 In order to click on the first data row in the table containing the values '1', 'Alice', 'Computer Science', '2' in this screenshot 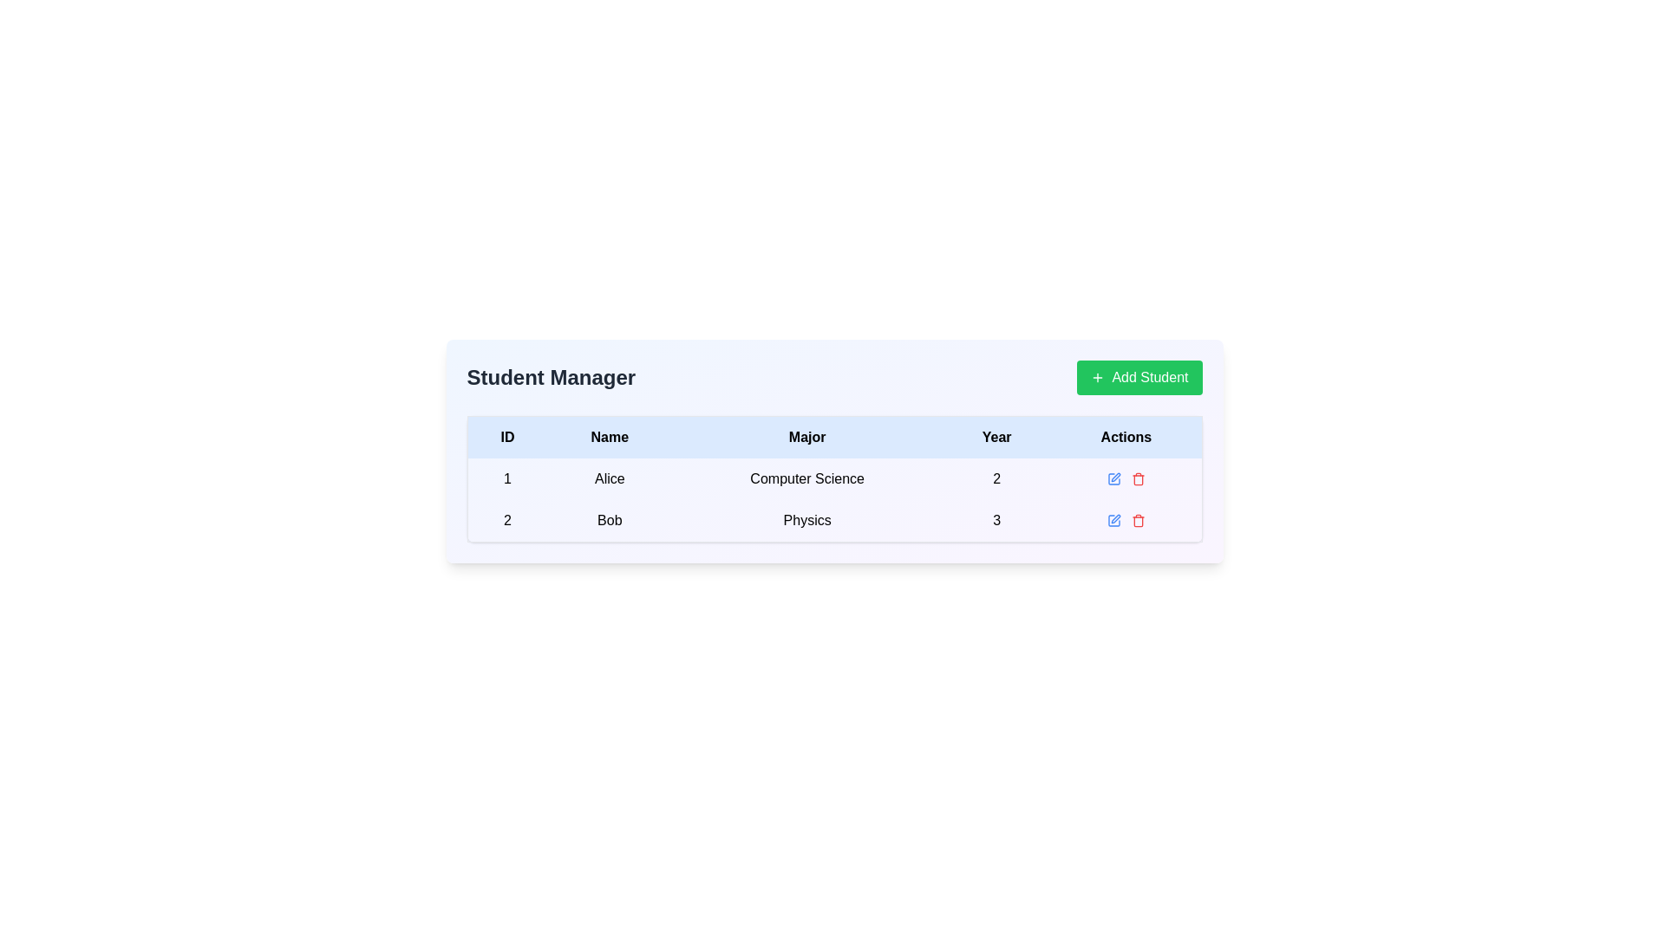, I will do `click(834, 500)`.